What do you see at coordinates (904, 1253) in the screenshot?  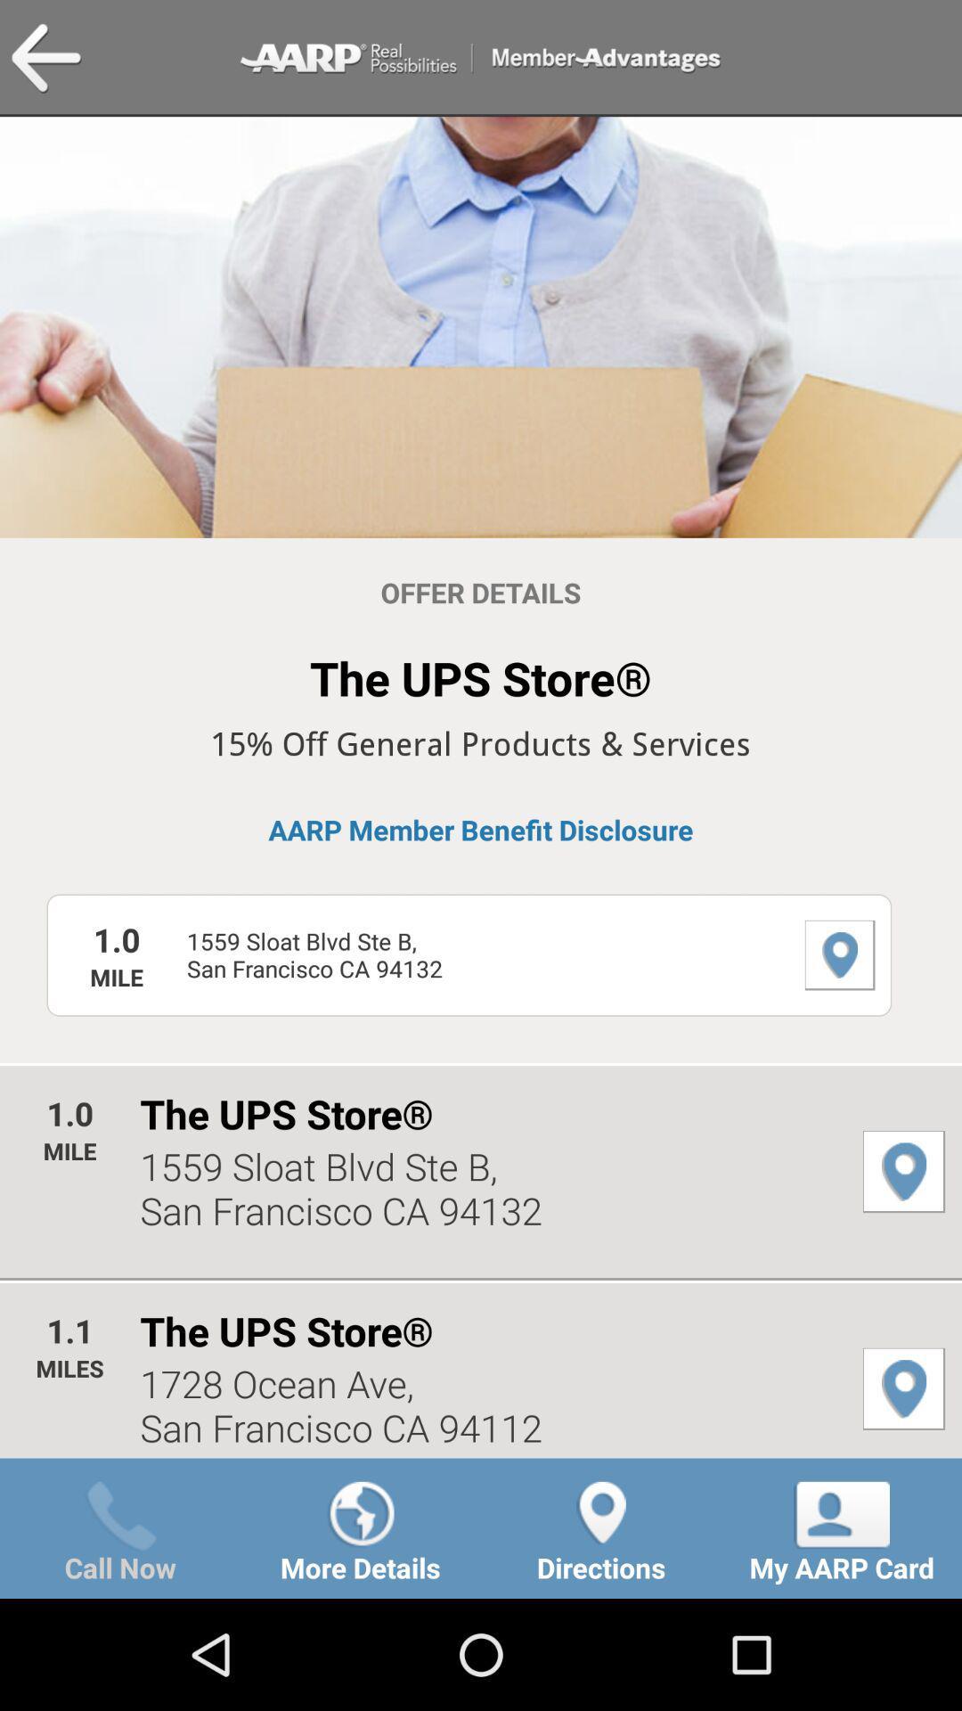 I see `the location icon` at bounding box center [904, 1253].